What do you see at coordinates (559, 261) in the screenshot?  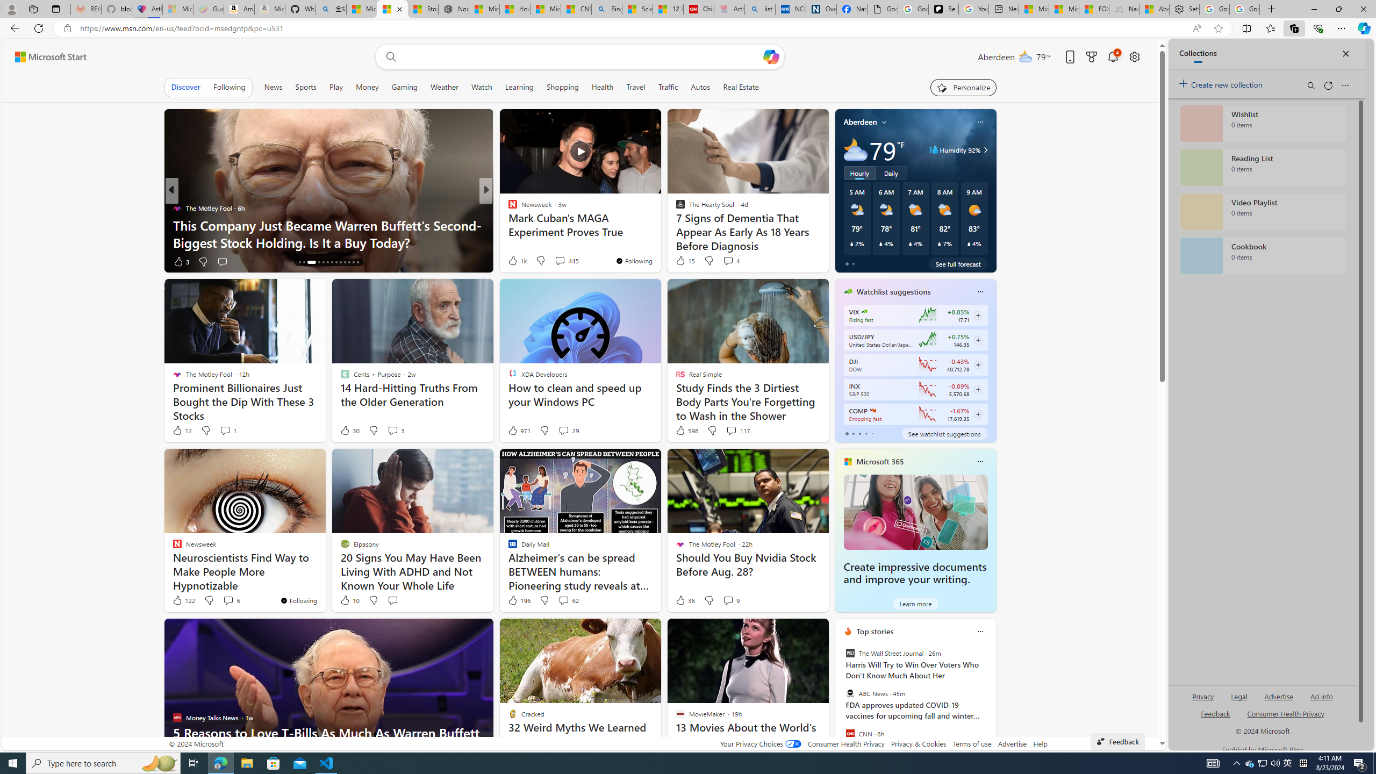 I see `'View comments 13 Comment'` at bounding box center [559, 261].